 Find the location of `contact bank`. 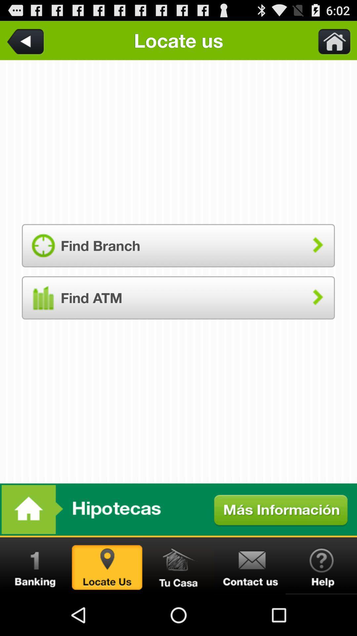

contact bank is located at coordinates (250, 565).